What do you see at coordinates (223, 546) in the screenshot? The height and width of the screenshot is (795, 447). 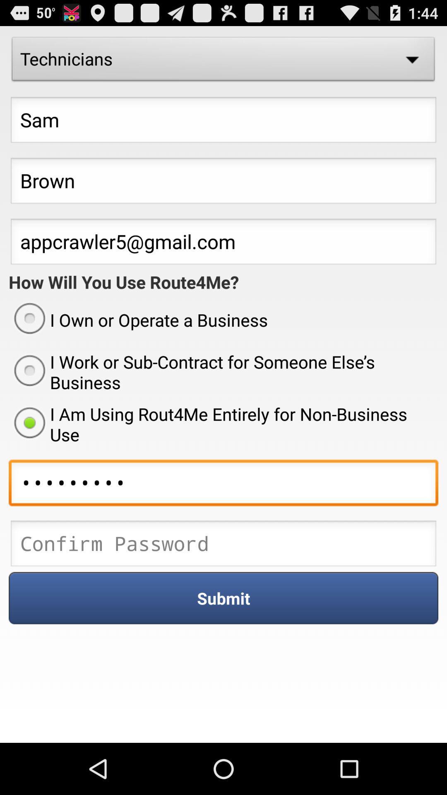 I see `confirm password` at bounding box center [223, 546].